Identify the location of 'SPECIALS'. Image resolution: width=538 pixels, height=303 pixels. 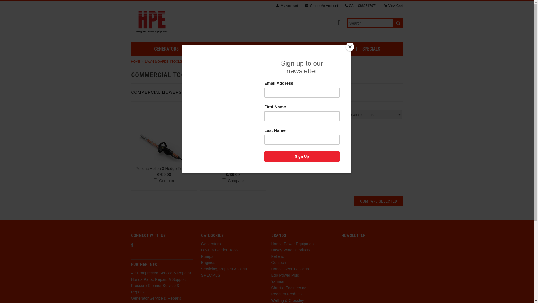
(371, 49).